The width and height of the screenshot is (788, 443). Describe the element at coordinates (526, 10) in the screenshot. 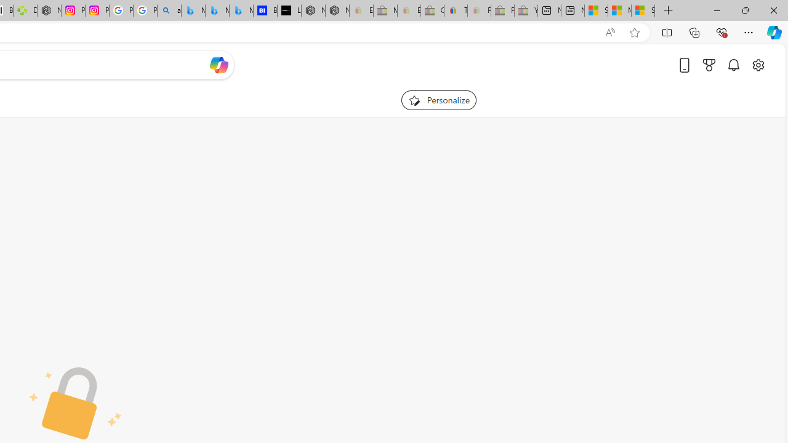

I see `'Yard, Garden & Outdoor Living - Sleeping'` at that location.